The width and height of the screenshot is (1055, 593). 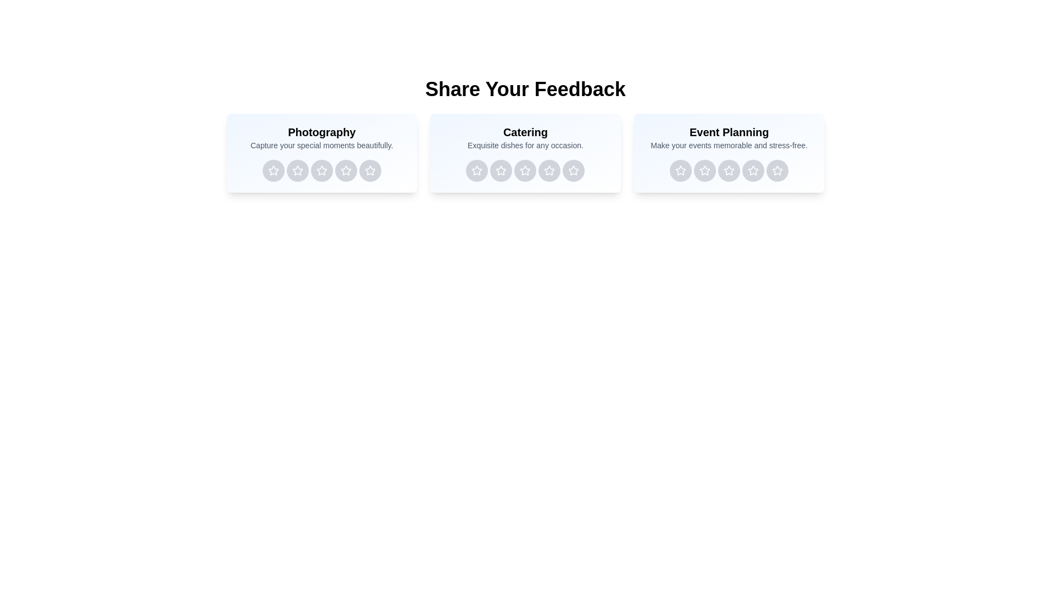 What do you see at coordinates (273, 171) in the screenshot?
I see `the rating button for Photography service with 1 stars` at bounding box center [273, 171].